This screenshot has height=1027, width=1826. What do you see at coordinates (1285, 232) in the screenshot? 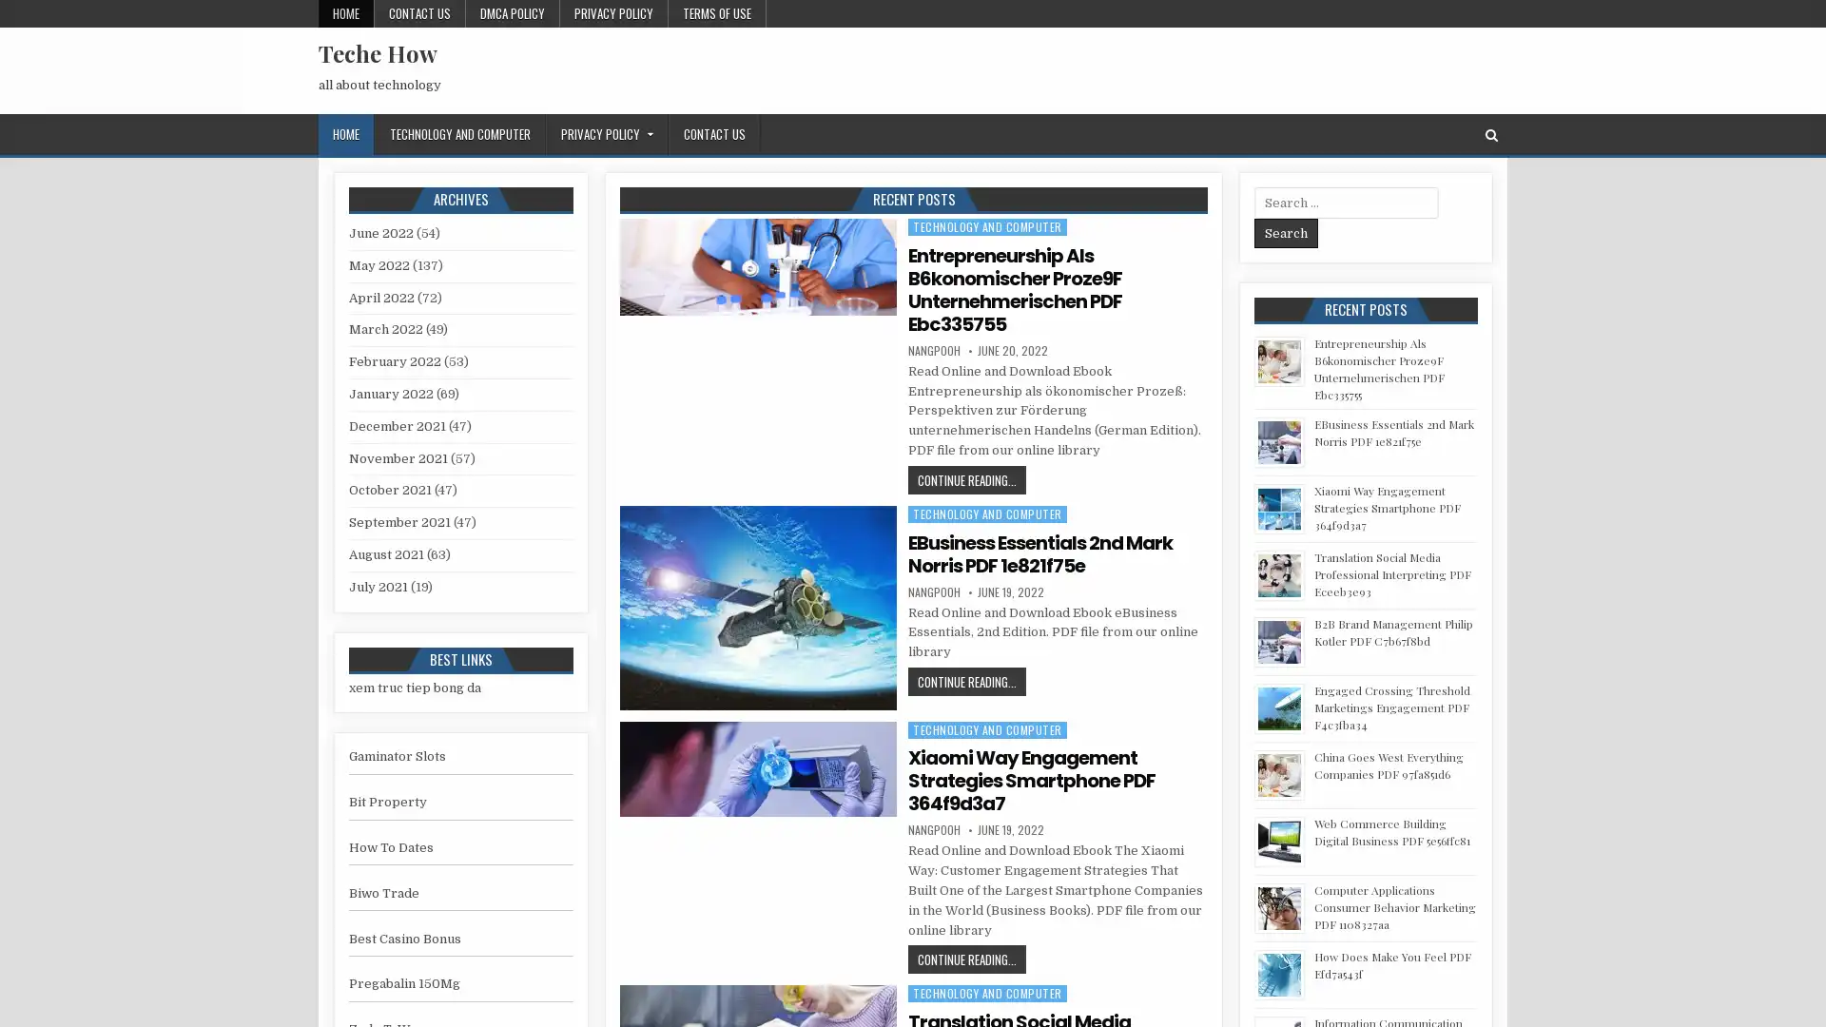
I see `Search` at bounding box center [1285, 232].